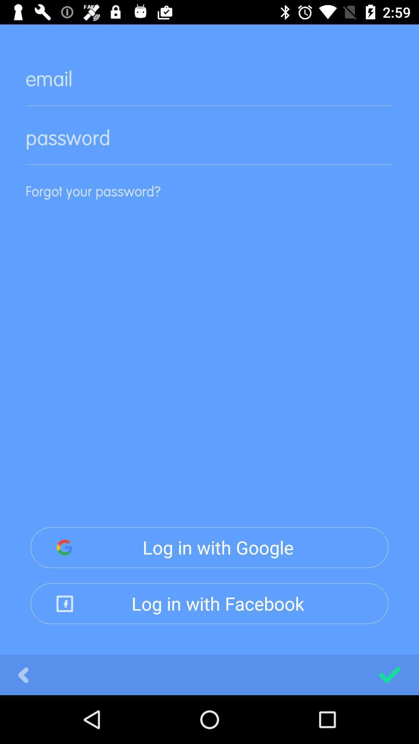  I want to click on box for email, so click(209, 85).